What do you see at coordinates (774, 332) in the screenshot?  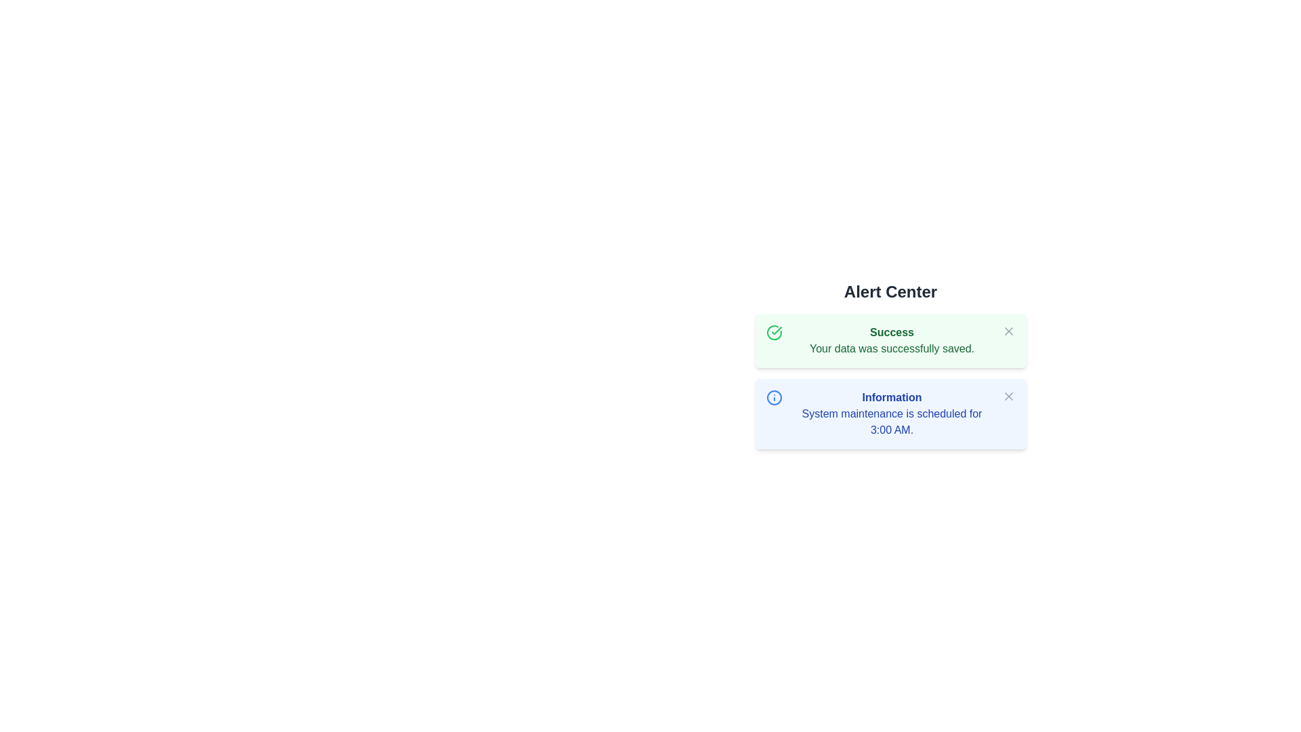 I see `the circular green icon with a checkmark inside it, located in the upper-left part of the green notification box indicating success` at bounding box center [774, 332].